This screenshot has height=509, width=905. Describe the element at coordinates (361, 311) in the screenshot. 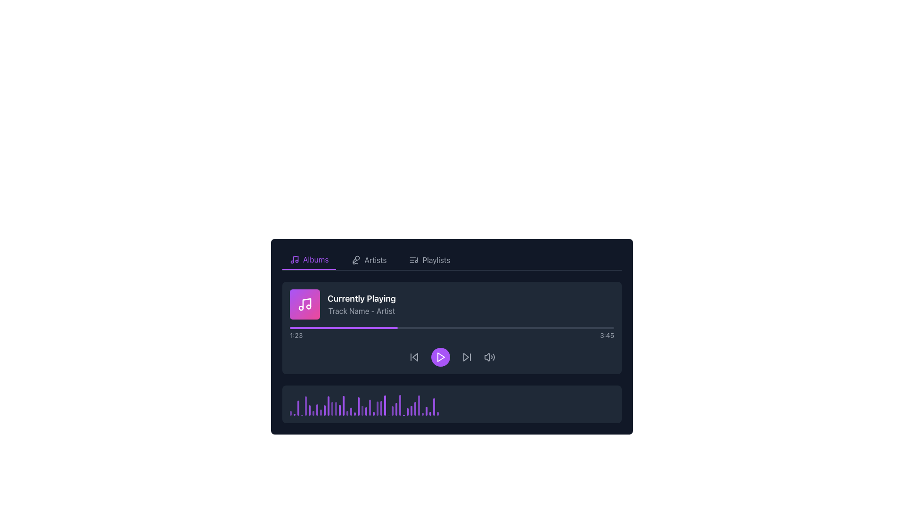

I see `the informational text displaying the track name and artist, which is located below the 'Currently Playing' label in the music player interface` at that location.